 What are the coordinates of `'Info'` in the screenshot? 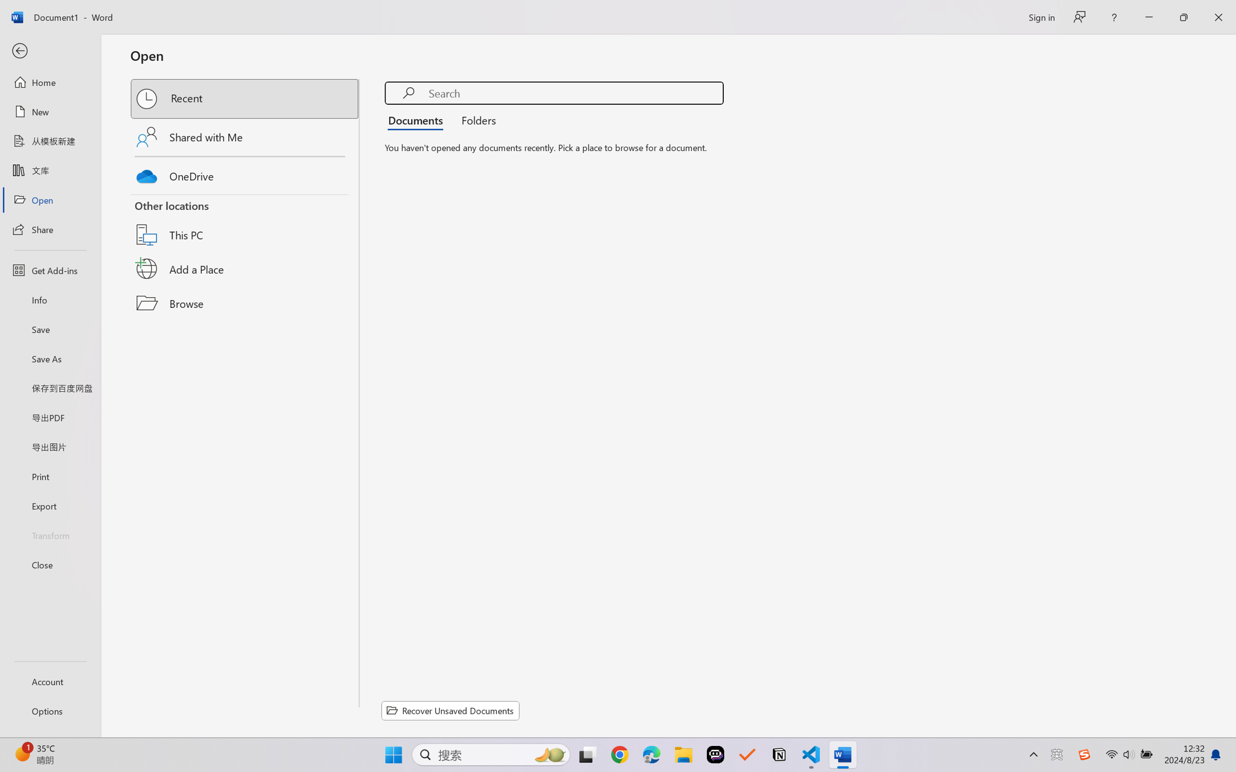 It's located at (50, 299).